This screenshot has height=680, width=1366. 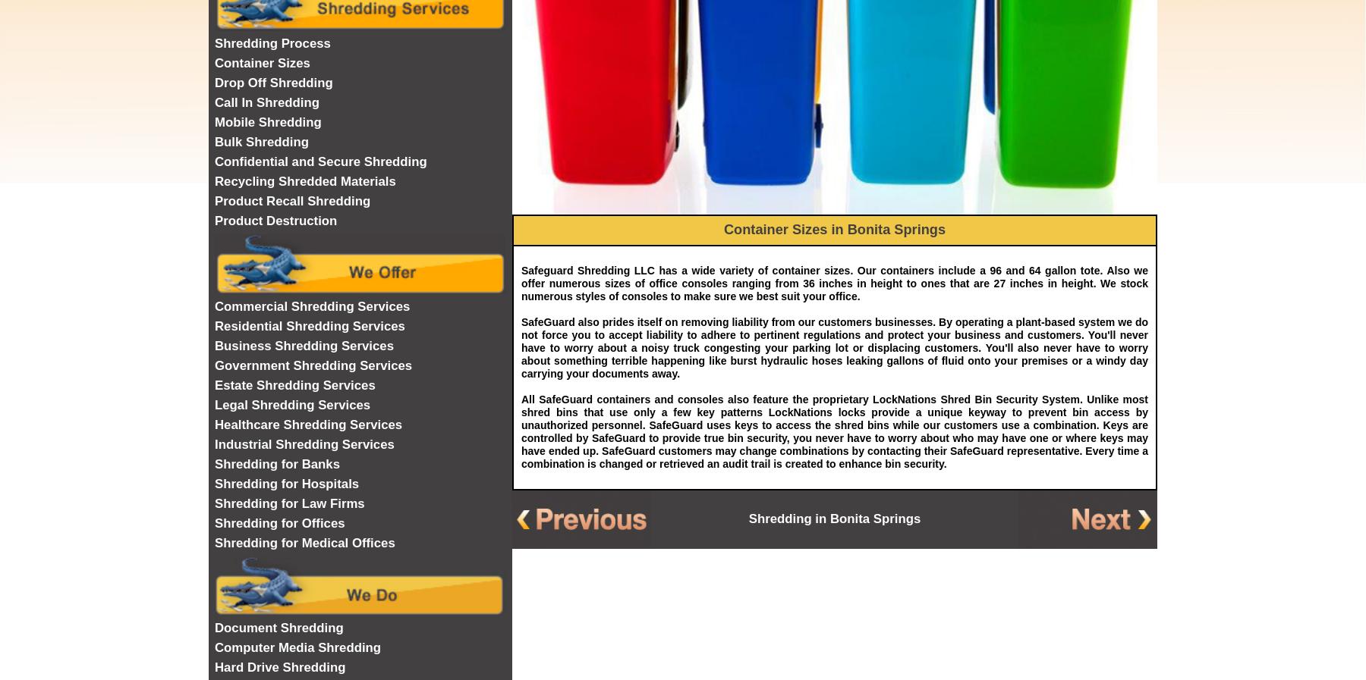 What do you see at coordinates (292, 404) in the screenshot?
I see `'Legal Shredding Services'` at bounding box center [292, 404].